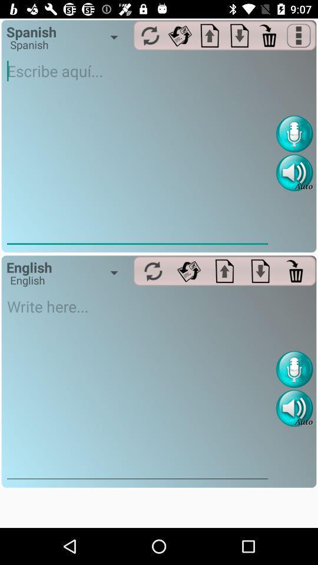 The image size is (318, 565). Describe the element at coordinates (239, 35) in the screenshot. I see `download option` at that location.